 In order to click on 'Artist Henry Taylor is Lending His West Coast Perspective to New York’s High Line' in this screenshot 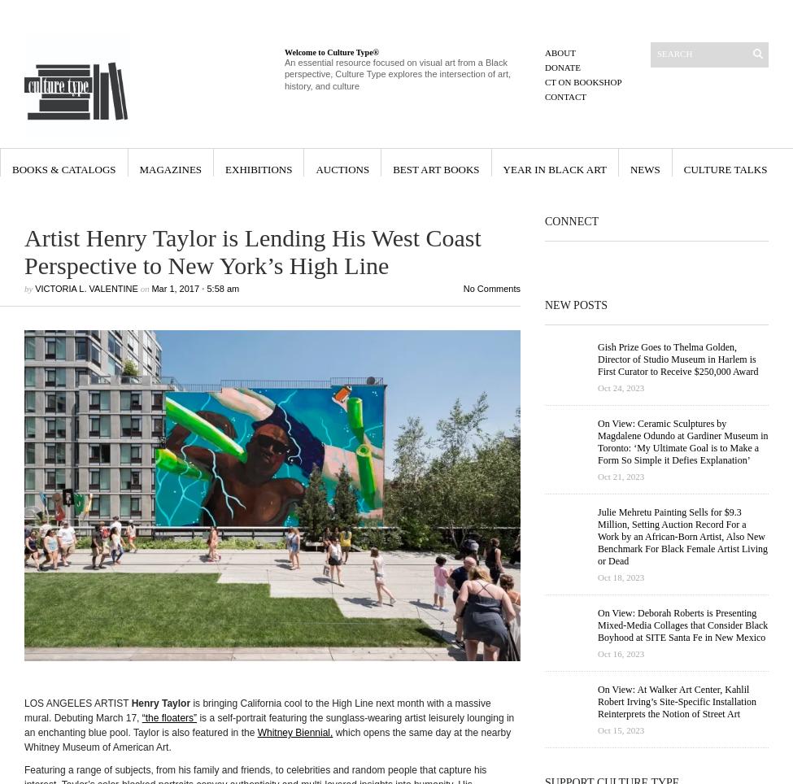, I will do `click(251, 251)`.